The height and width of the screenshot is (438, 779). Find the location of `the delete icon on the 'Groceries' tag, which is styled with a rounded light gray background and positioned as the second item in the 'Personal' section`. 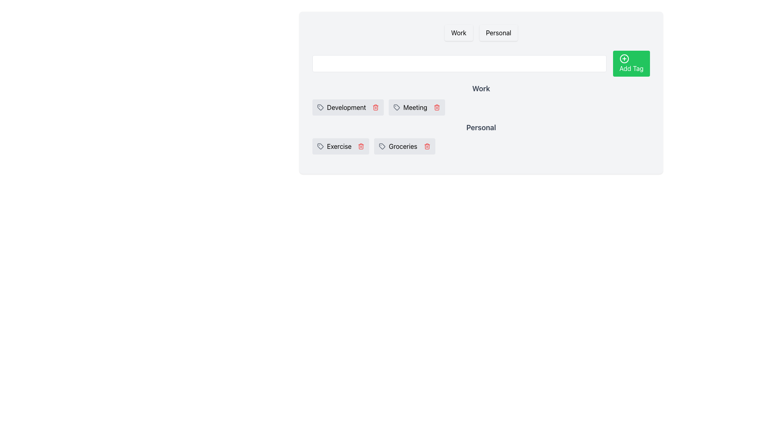

the delete icon on the 'Groceries' tag, which is styled with a rounded light gray background and positioned as the second item in the 'Personal' section is located at coordinates (405, 146).